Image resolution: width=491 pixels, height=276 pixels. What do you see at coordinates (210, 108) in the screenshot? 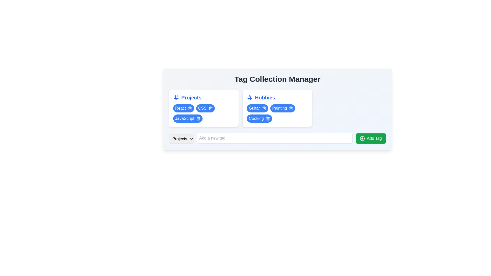
I see `the delete icon button located at the far-right end of the 'CSS' tag in the 'Projects' section` at bounding box center [210, 108].